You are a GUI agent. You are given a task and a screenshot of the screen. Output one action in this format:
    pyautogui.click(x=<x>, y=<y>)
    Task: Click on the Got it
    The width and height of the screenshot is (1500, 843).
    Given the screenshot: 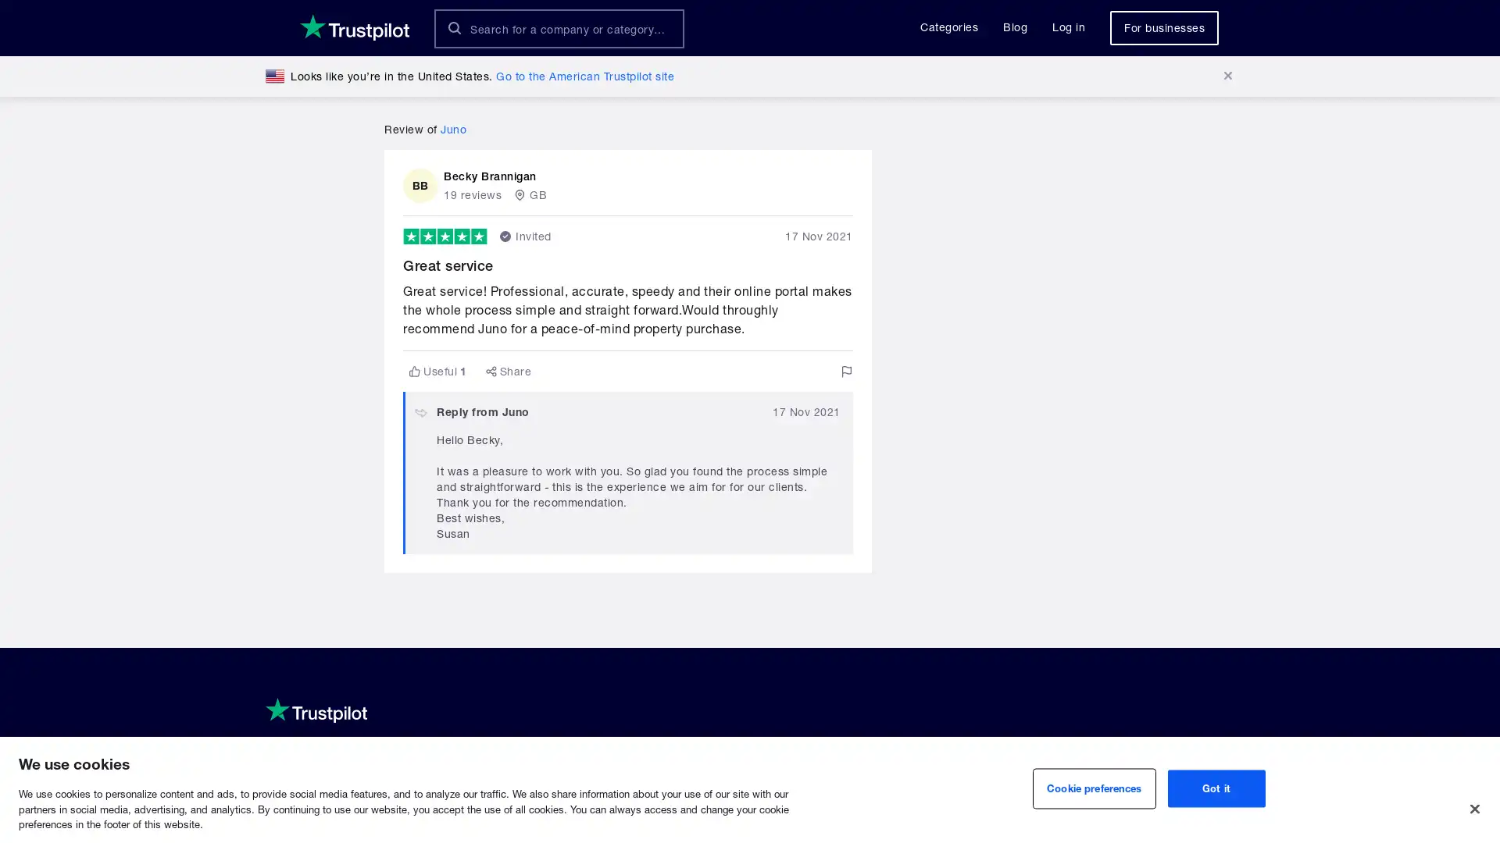 What is the action you would take?
    pyautogui.click(x=1215, y=788)
    